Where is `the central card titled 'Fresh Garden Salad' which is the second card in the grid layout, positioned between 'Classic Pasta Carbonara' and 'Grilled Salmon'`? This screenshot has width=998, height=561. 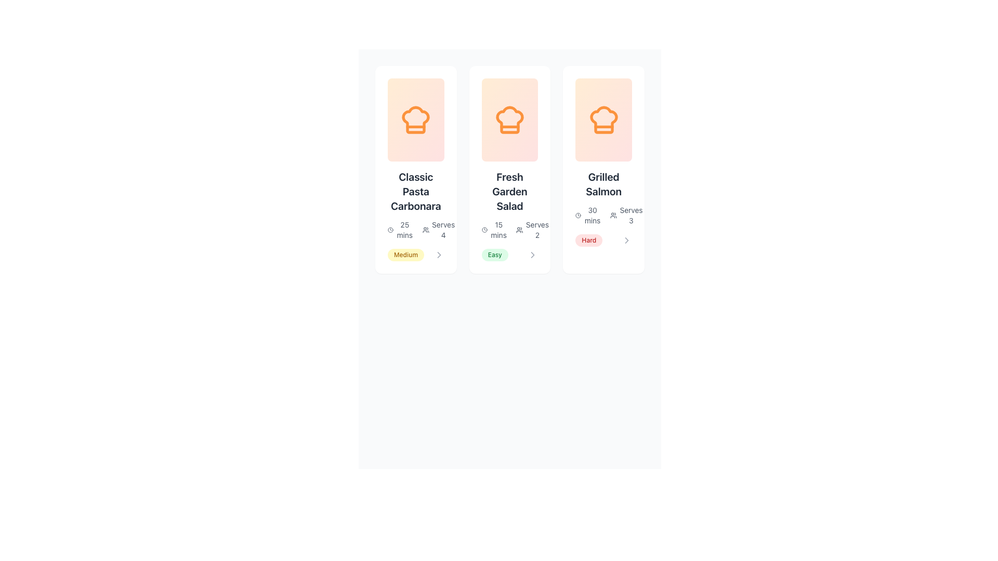 the central card titled 'Fresh Garden Salad' which is the second card in the grid layout, positioned between 'Classic Pasta Carbonara' and 'Grilled Salmon' is located at coordinates (509, 169).